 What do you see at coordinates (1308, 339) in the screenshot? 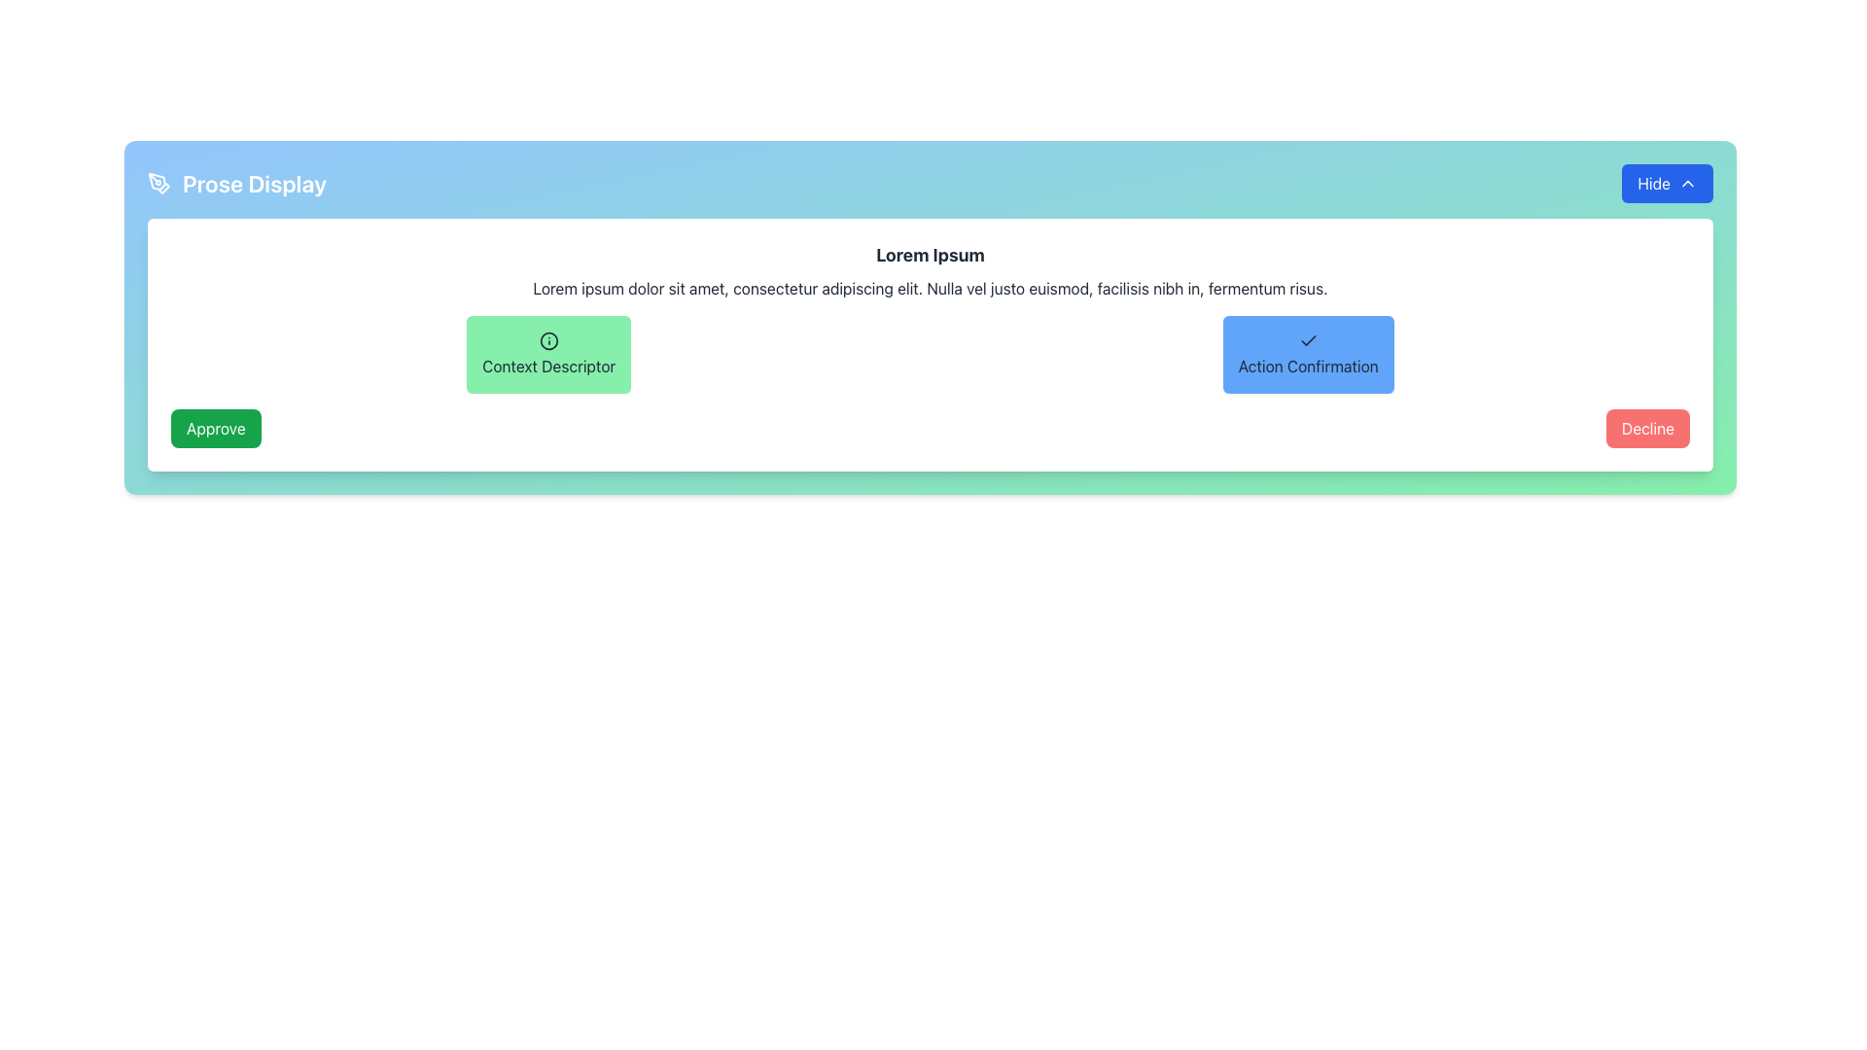
I see `the checkmark icon within the 'Action Confirmation' button, which visually represents confirmation or acceptance` at bounding box center [1308, 339].